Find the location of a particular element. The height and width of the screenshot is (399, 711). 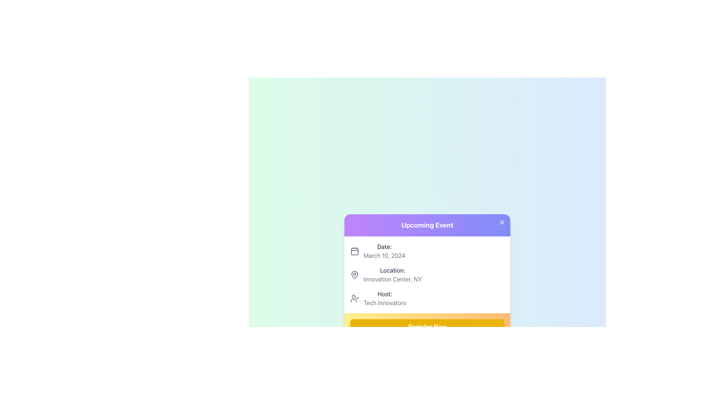

rounded rectangle element located centrally within the calendar icon, which serves as the content area of the calendar is located at coordinates (354, 251).